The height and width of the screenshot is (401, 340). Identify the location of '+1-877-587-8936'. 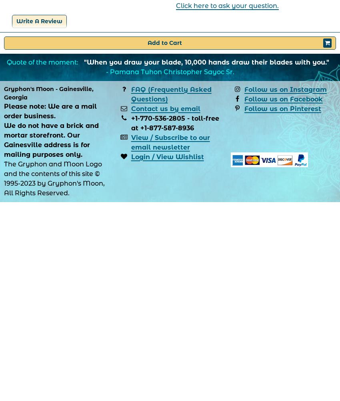
(167, 127).